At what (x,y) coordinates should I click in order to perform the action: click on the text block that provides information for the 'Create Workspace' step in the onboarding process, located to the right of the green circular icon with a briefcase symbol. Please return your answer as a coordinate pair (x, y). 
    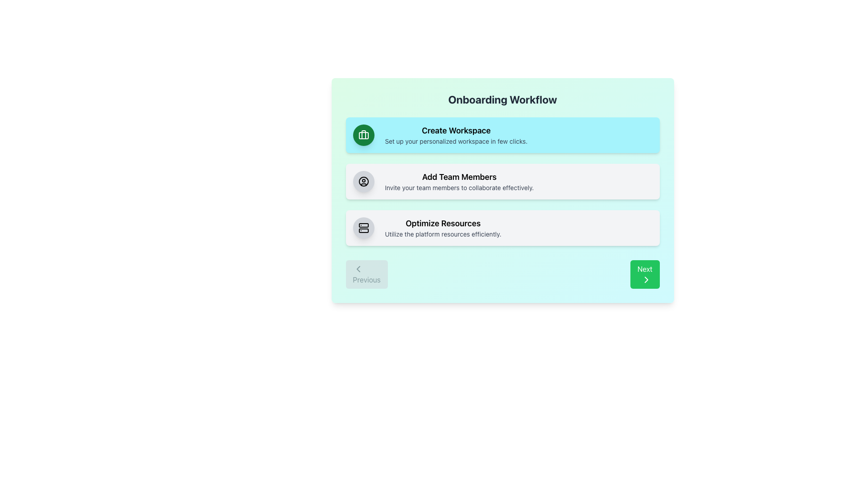
    Looking at the image, I should click on (456, 135).